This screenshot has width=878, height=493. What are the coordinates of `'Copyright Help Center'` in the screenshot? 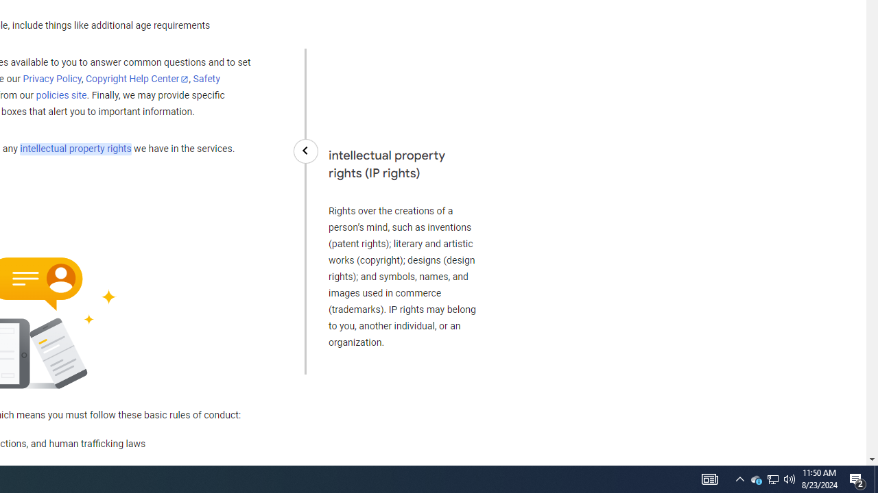 It's located at (137, 79).